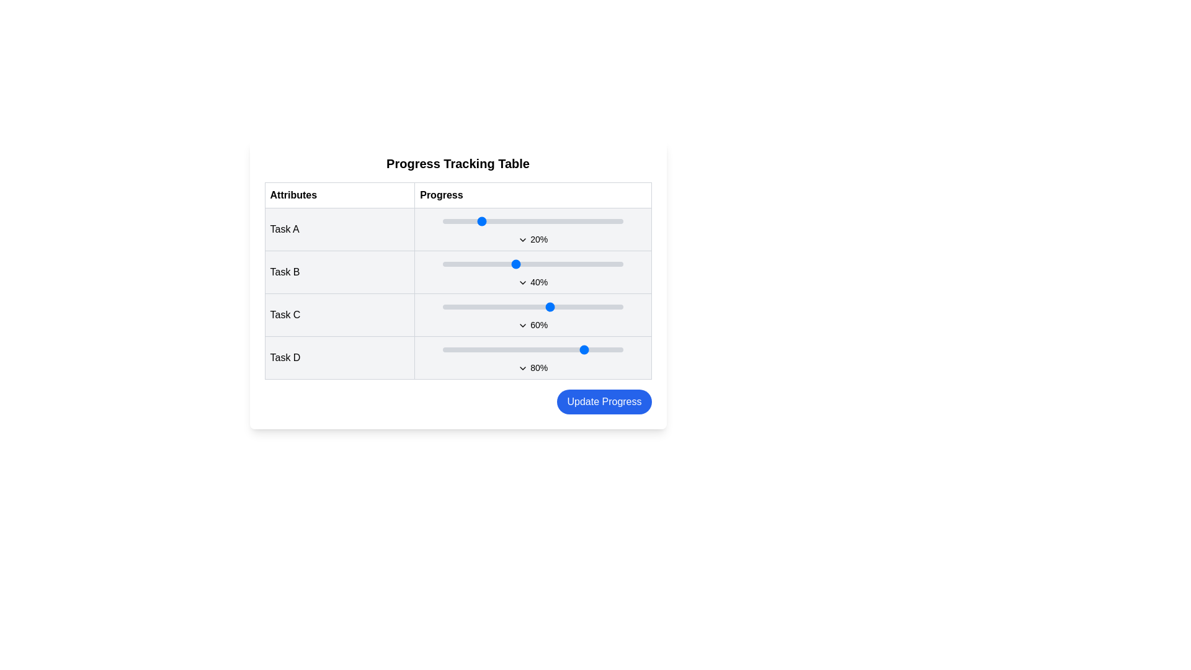  I want to click on the progress for task B, so click(491, 263).